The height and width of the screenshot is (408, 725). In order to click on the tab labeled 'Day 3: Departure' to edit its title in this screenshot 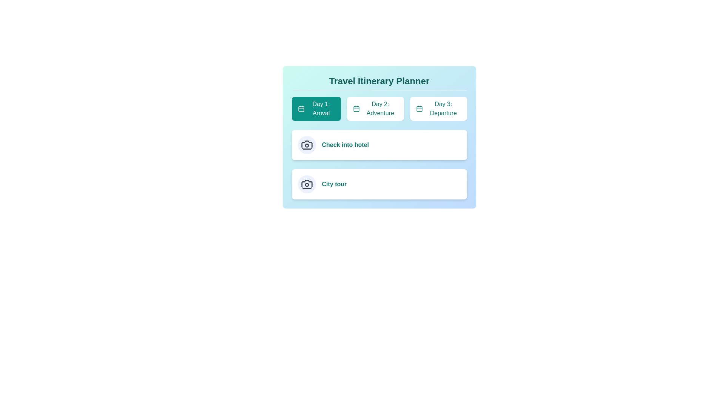, I will do `click(438, 109)`.